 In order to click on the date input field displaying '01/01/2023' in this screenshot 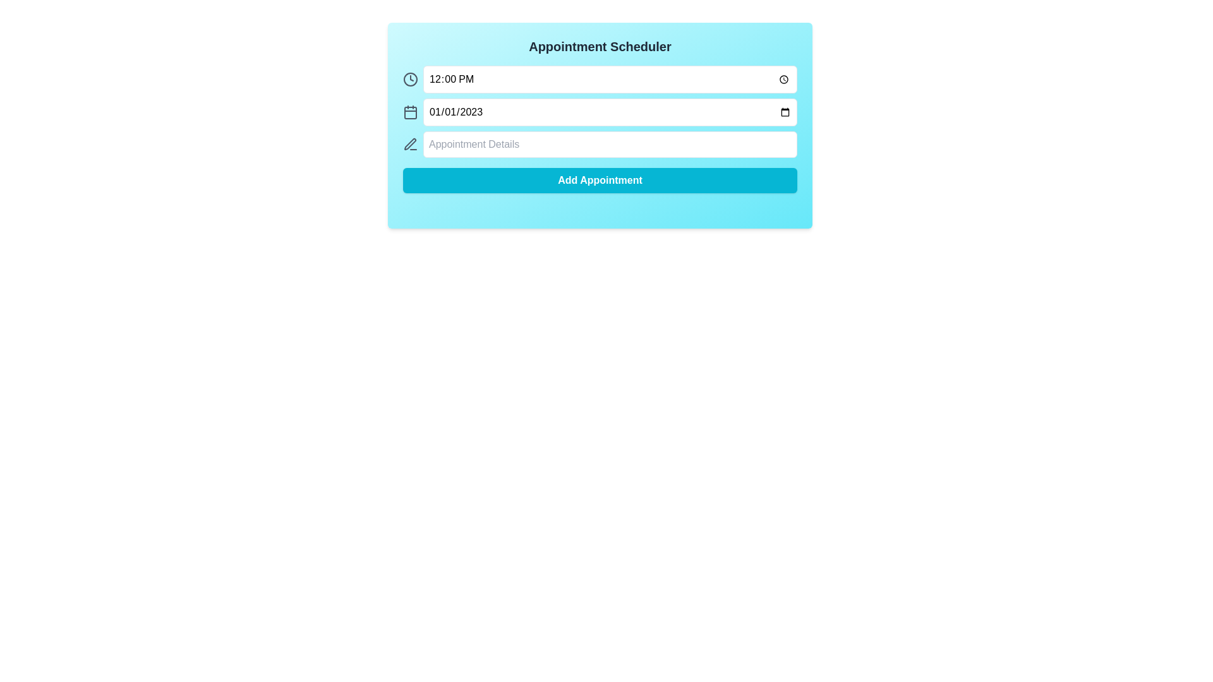, I will do `click(610, 111)`.